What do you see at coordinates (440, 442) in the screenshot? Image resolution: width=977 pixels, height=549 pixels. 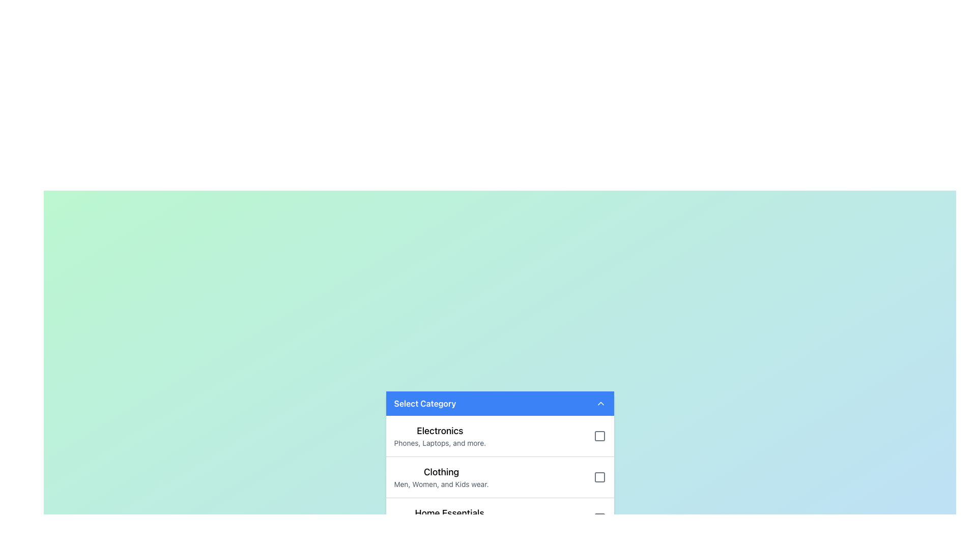 I see `descriptive text element that says 'Phones, Laptops, and more.' located below the 'Electronics' label in the card` at bounding box center [440, 442].